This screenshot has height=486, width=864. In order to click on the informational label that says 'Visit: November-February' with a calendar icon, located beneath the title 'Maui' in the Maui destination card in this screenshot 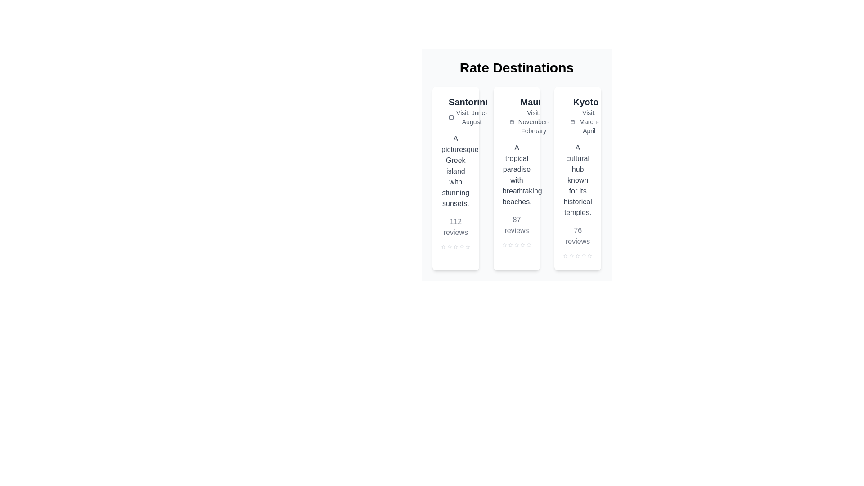, I will do `click(531, 121)`.